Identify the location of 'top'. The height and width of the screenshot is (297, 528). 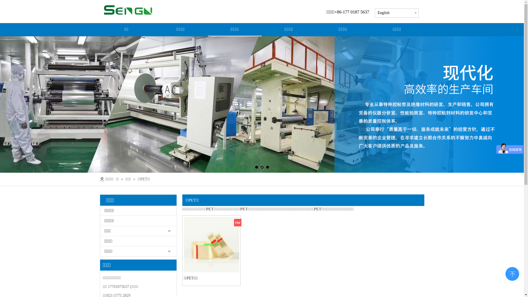
(512, 273).